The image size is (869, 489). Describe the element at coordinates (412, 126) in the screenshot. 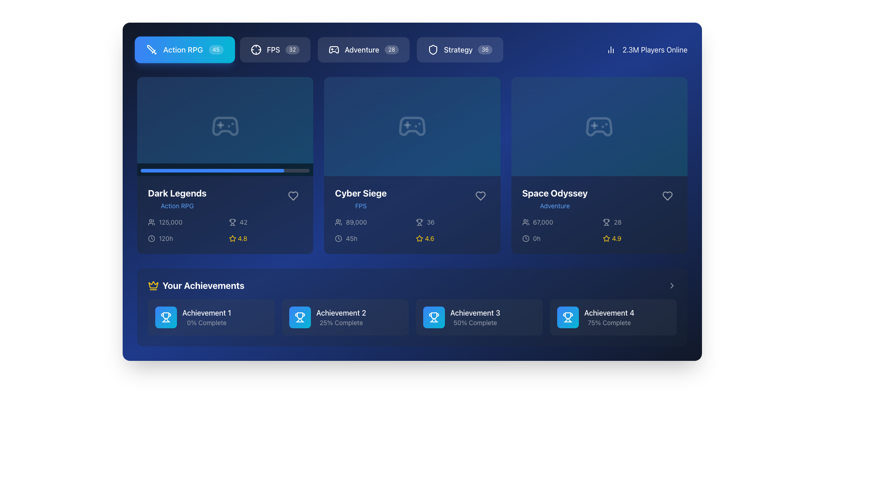

I see `the visual indicator icon for game-related content located in the middle card of the second row, directly above the text 'Cyber Siege'` at that location.